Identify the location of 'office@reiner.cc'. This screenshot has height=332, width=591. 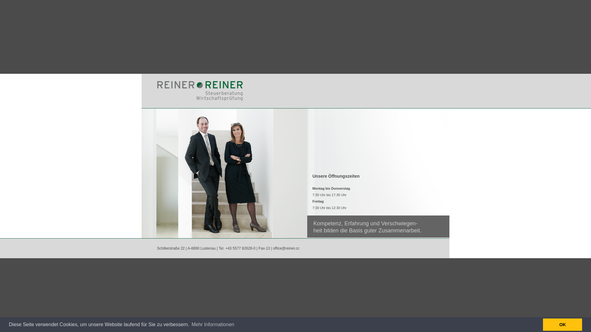
(286, 248).